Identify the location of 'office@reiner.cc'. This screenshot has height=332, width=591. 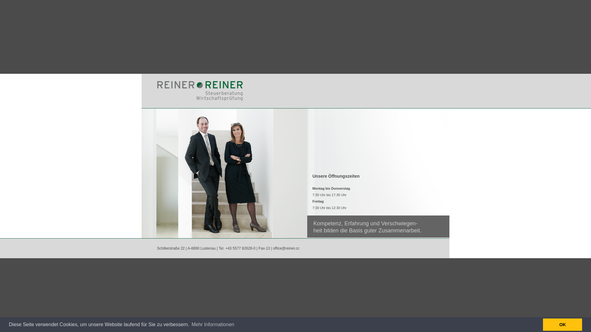
(286, 248).